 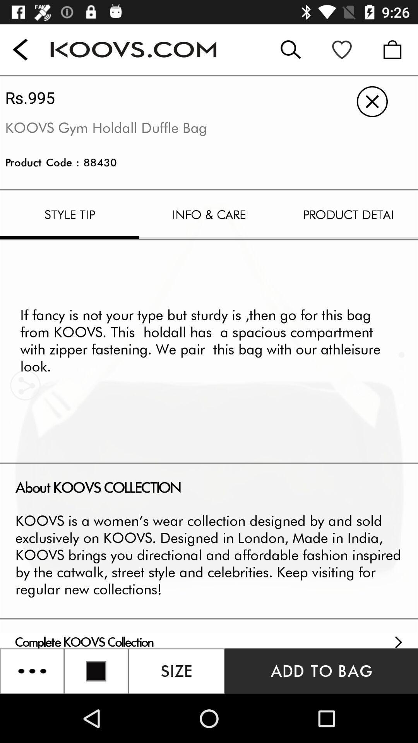 What do you see at coordinates (20, 49) in the screenshot?
I see `the arrow_backward icon` at bounding box center [20, 49].